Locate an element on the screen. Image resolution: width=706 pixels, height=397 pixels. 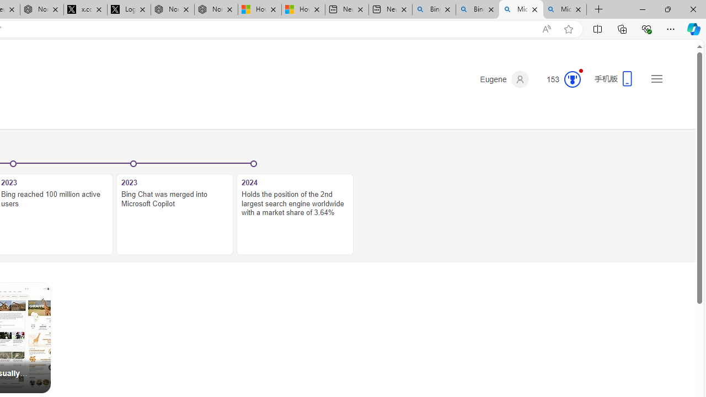
'Microsoft Rewards 153' is located at coordinates (559, 79).